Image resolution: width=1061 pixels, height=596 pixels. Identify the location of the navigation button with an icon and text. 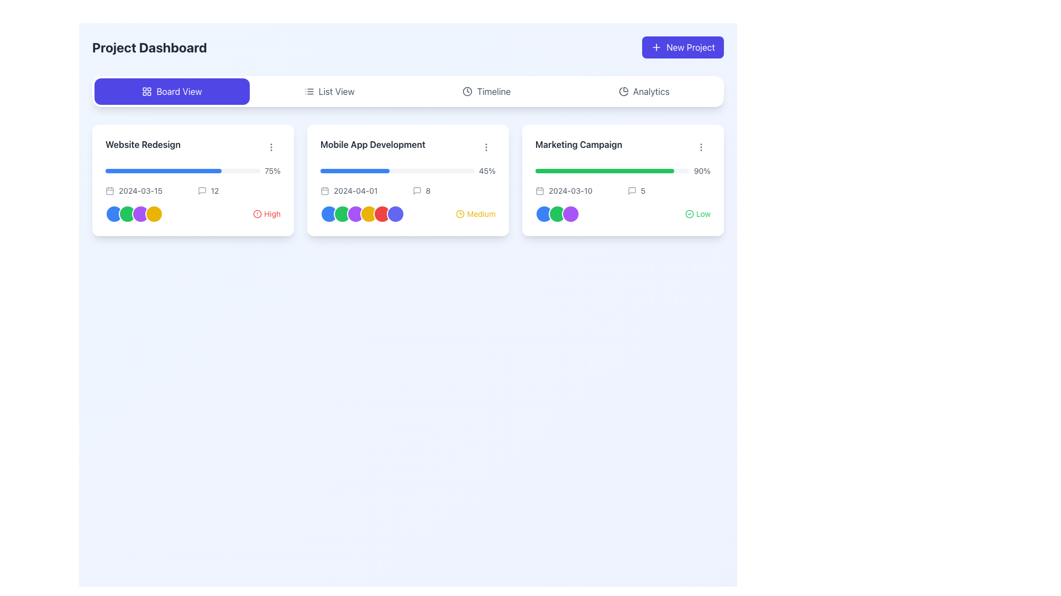
(329, 91).